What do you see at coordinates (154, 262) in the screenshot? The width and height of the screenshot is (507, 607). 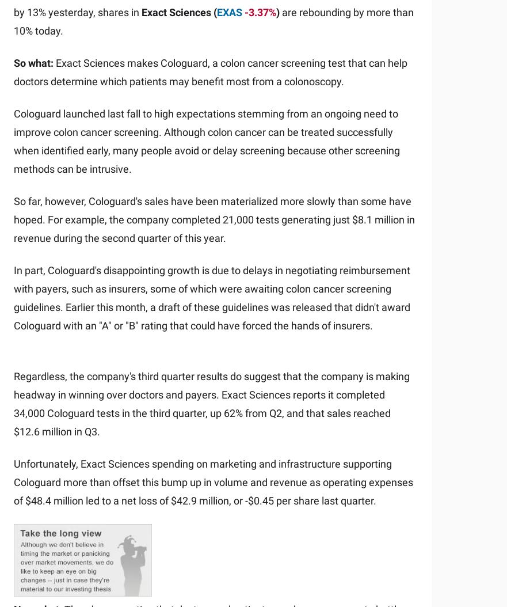 I see `'Our Services'` at bounding box center [154, 262].